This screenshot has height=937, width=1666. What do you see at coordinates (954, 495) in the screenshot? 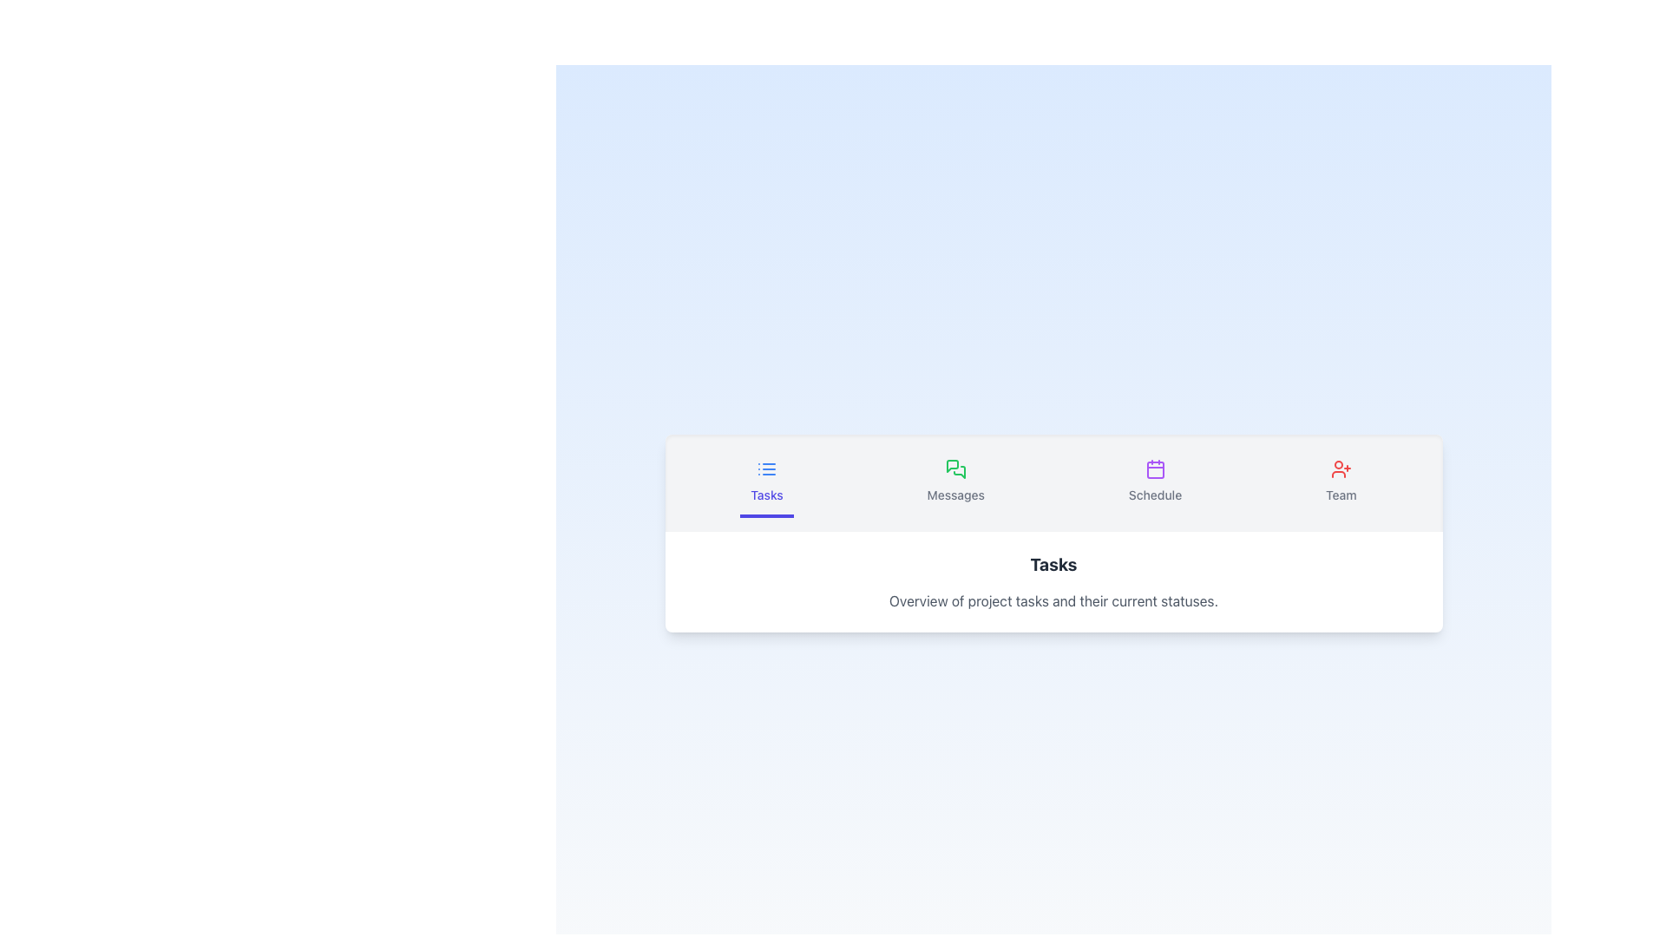
I see `the text label displaying 'Messages' which is styled with medium font size and is centered below the speech bubble icon in the navigation bar` at bounding box center [954, 495].